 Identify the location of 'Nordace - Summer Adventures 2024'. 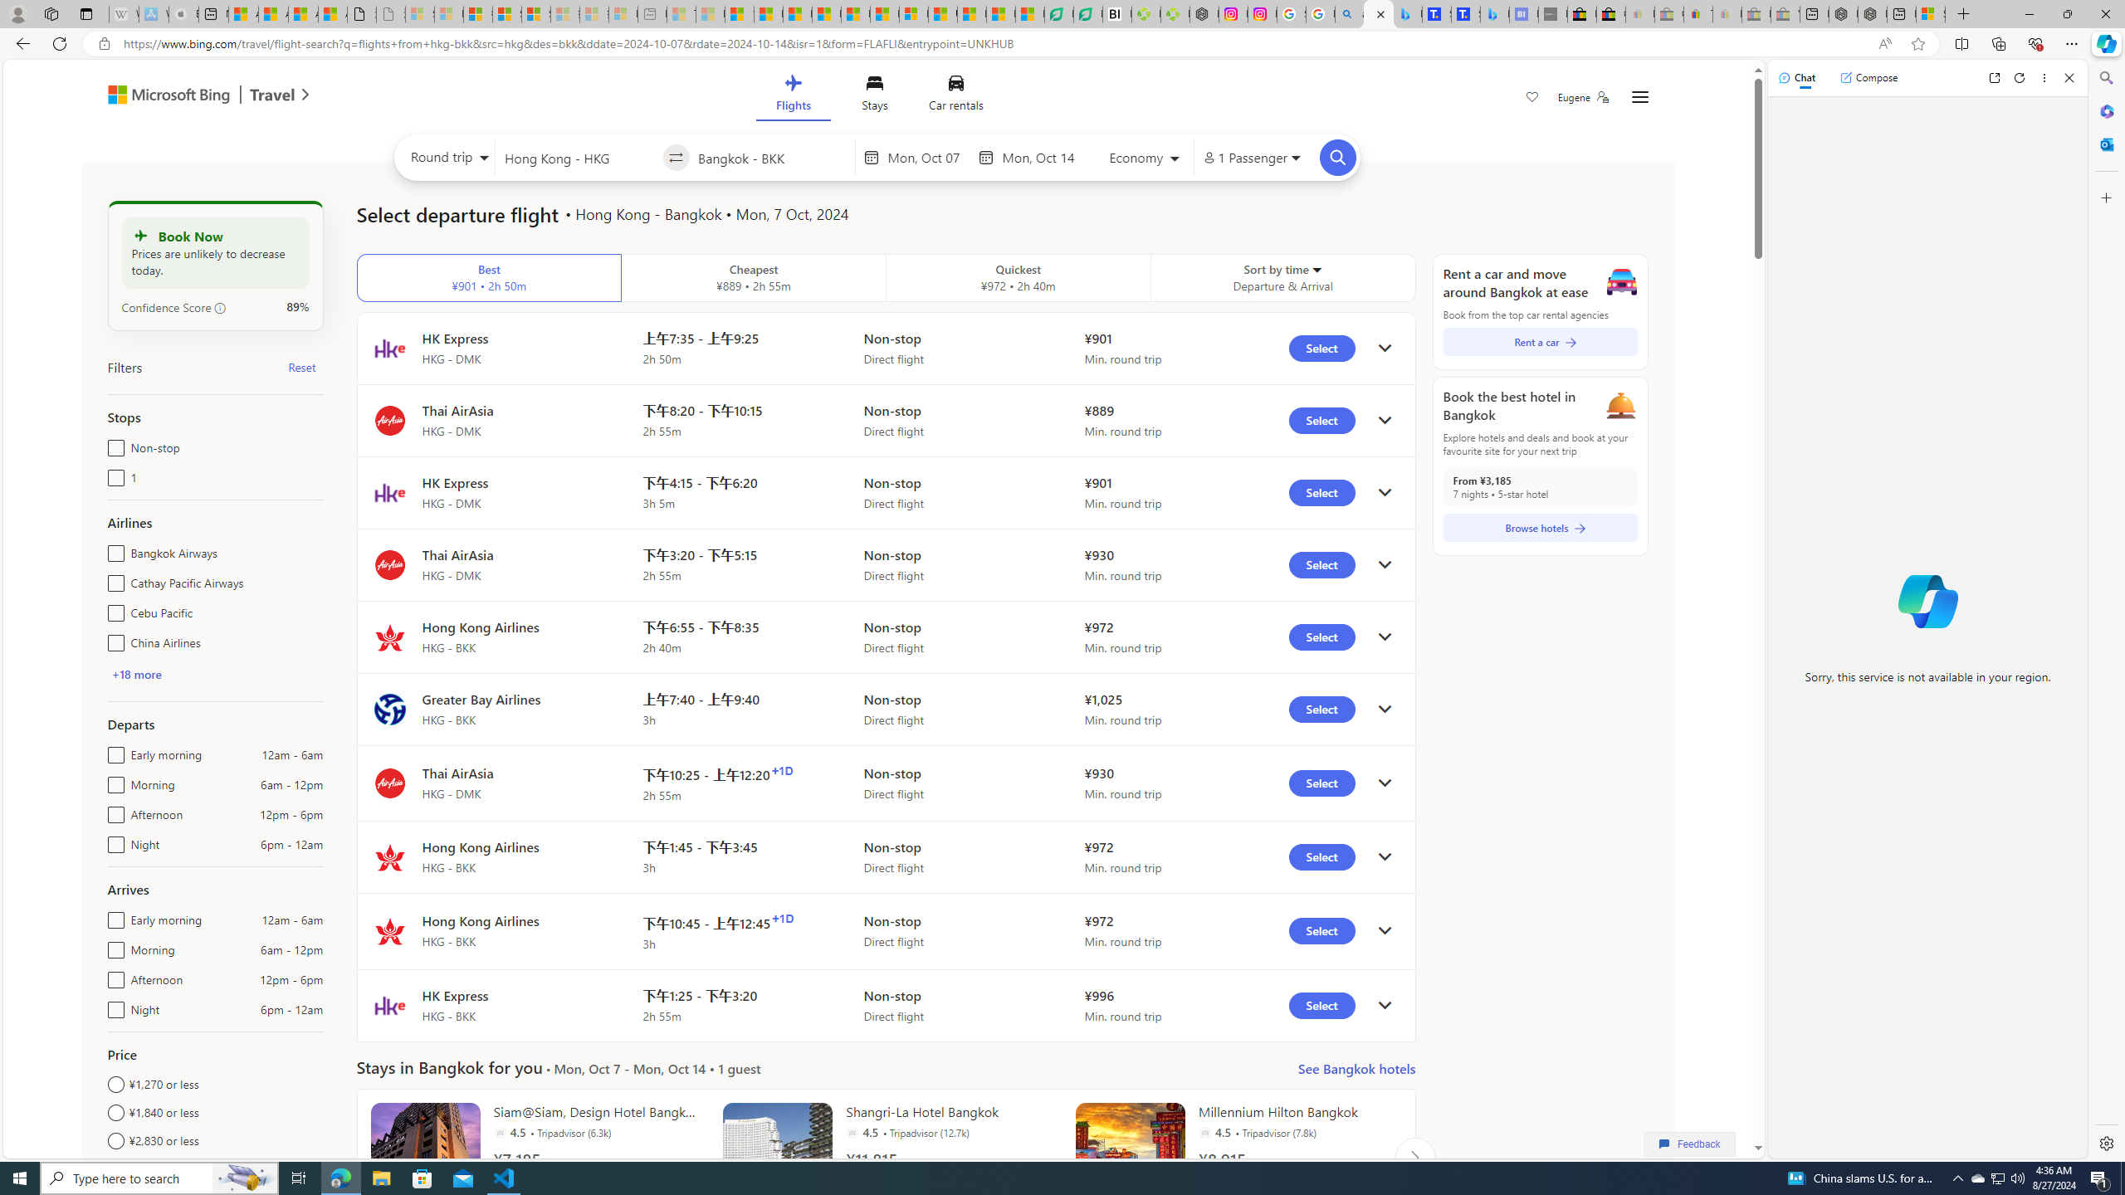
(1871, 13).